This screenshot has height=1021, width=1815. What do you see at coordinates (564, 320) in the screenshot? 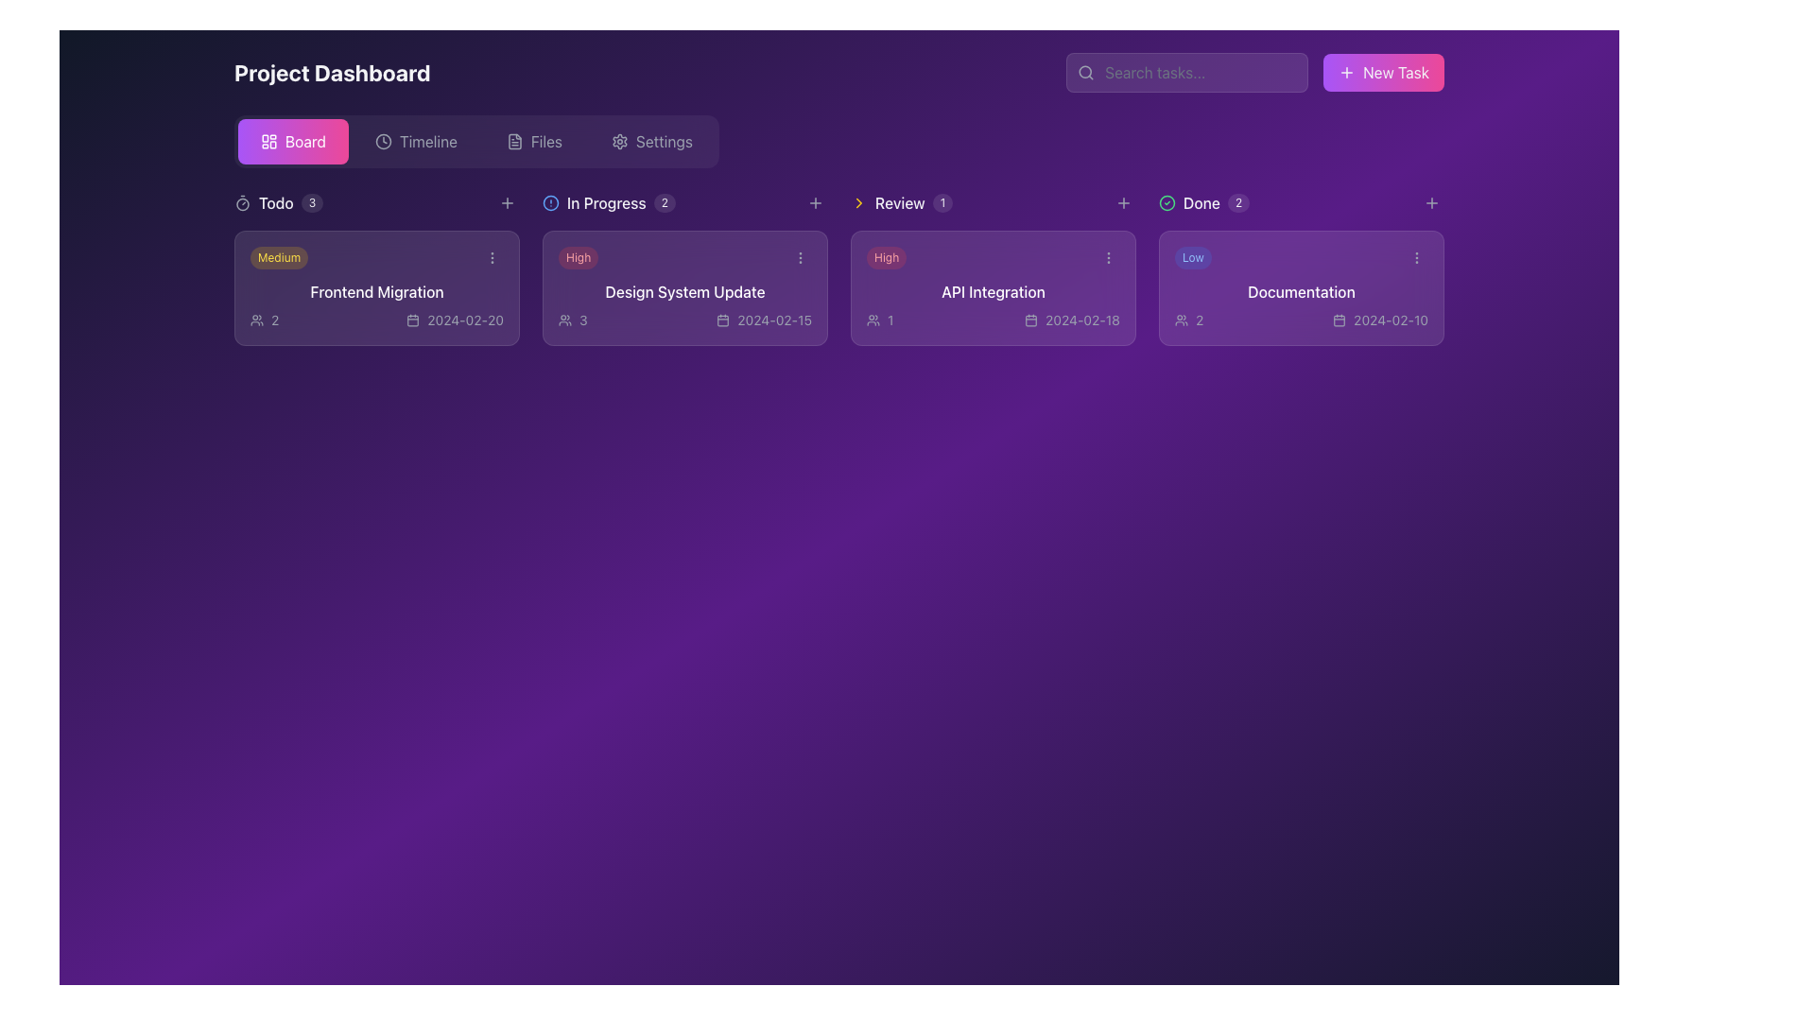
I see `the User Avatar Icon, which indicates the number of users associated with the task, located within the 'Design System Update' task card in the 'In Progress' section of the project dashboard` at bounding box center [564, 320].